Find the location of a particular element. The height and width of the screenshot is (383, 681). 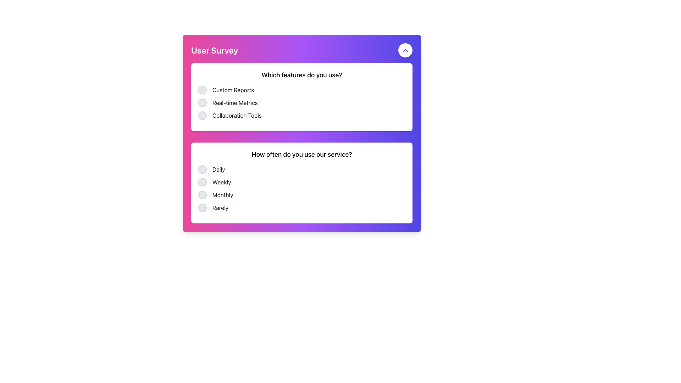

the text label at the top of the survey card interface, which guides users to interact with the options below it is located at coordinates (301, 75).